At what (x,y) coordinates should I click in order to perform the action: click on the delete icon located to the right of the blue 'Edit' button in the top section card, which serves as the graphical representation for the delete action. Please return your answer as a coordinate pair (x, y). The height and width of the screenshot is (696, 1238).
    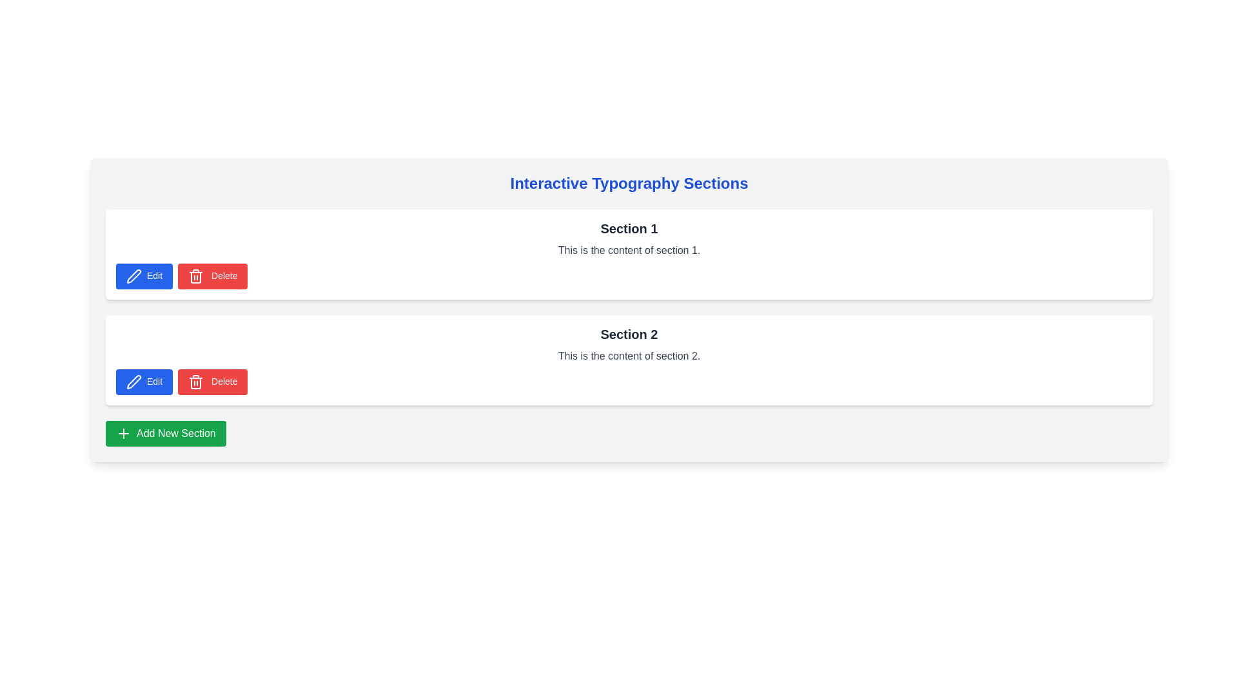
    Looking at the image, I should click on (195, 382).